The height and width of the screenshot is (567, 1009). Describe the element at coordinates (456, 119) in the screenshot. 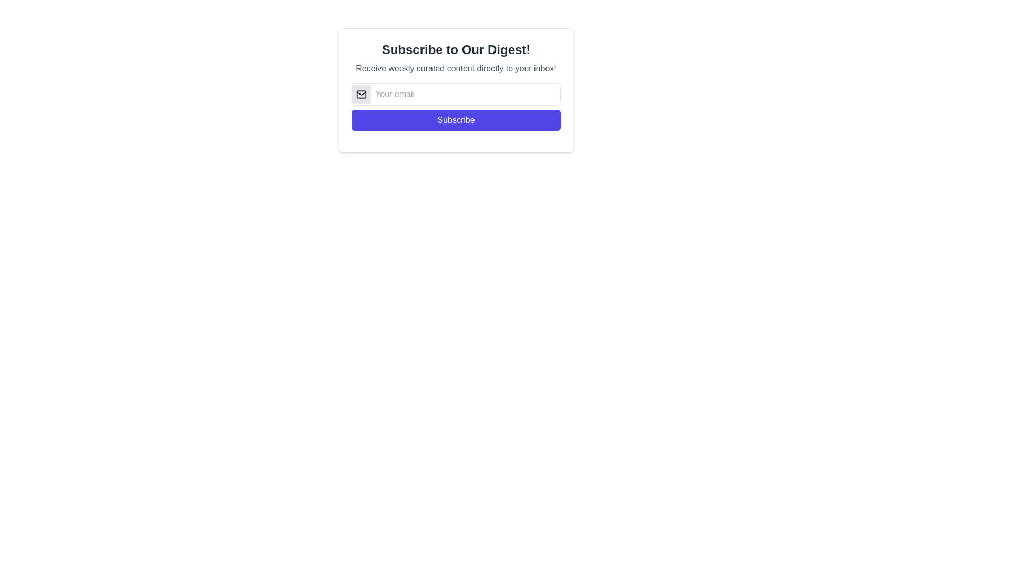

I see `the blue 'Subscribe' button with rounded corners` at that location.